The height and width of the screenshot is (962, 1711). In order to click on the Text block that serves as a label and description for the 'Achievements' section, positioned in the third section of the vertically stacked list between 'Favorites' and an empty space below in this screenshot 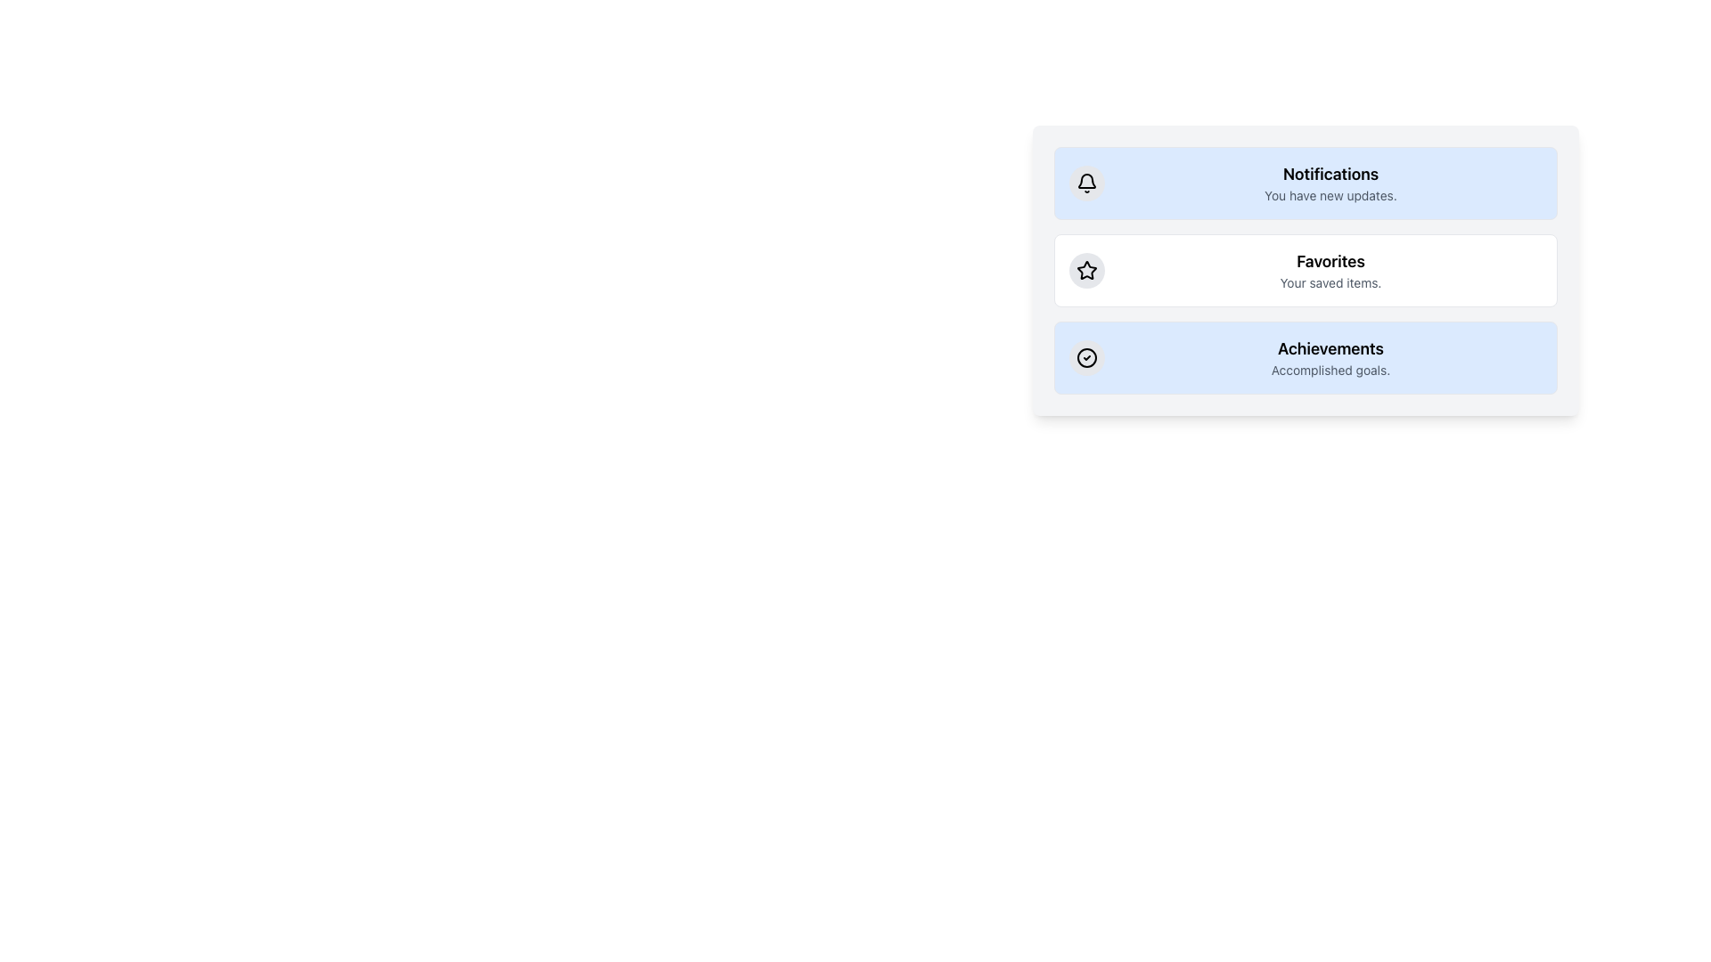, I will do `click(1330, 357)`.